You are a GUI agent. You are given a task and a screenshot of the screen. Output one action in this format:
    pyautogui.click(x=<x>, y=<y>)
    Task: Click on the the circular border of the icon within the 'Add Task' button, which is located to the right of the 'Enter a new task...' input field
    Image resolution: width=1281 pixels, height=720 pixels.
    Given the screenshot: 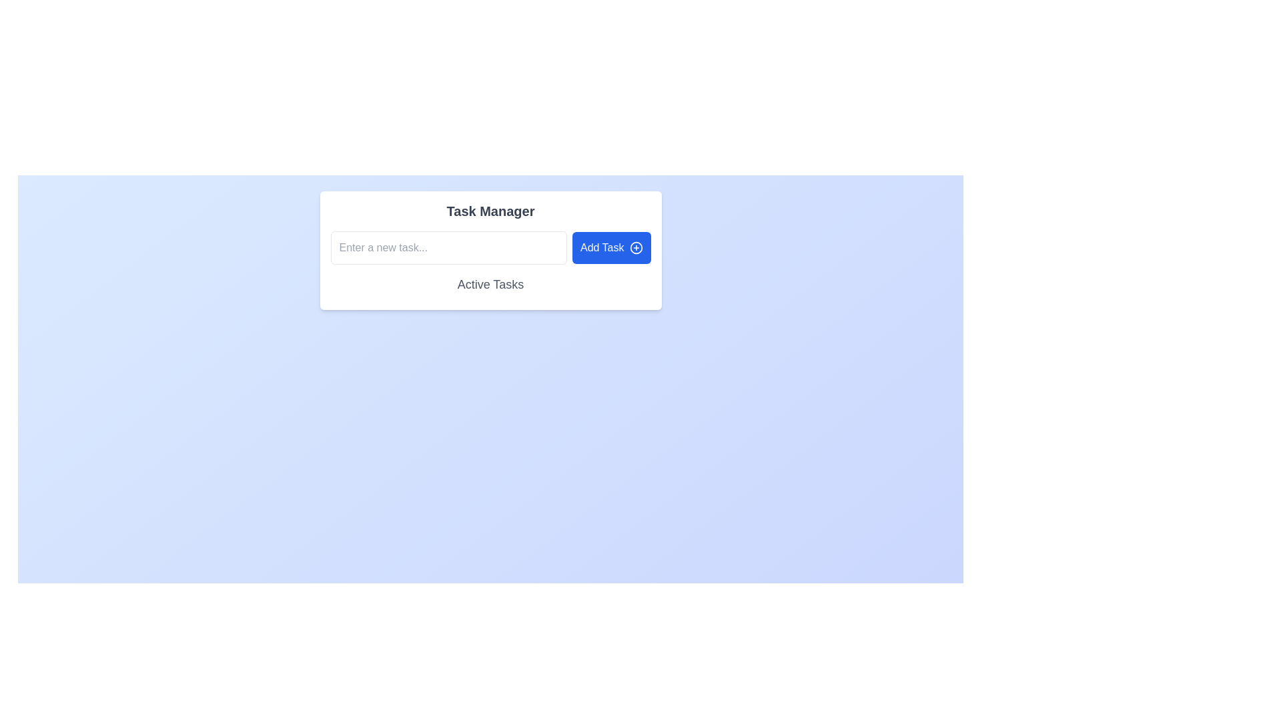 What is the action you would take?
    pyautogui.click(x=635, y=247)
    